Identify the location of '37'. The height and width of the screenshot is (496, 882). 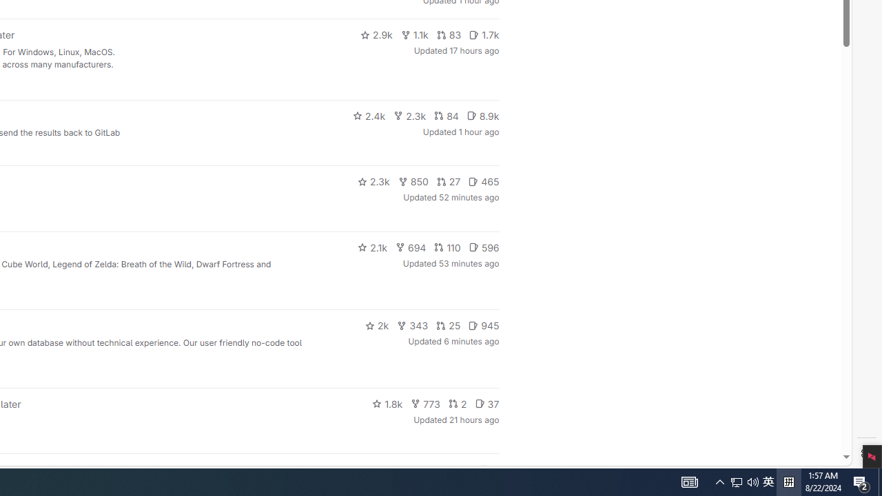
(486, 403).